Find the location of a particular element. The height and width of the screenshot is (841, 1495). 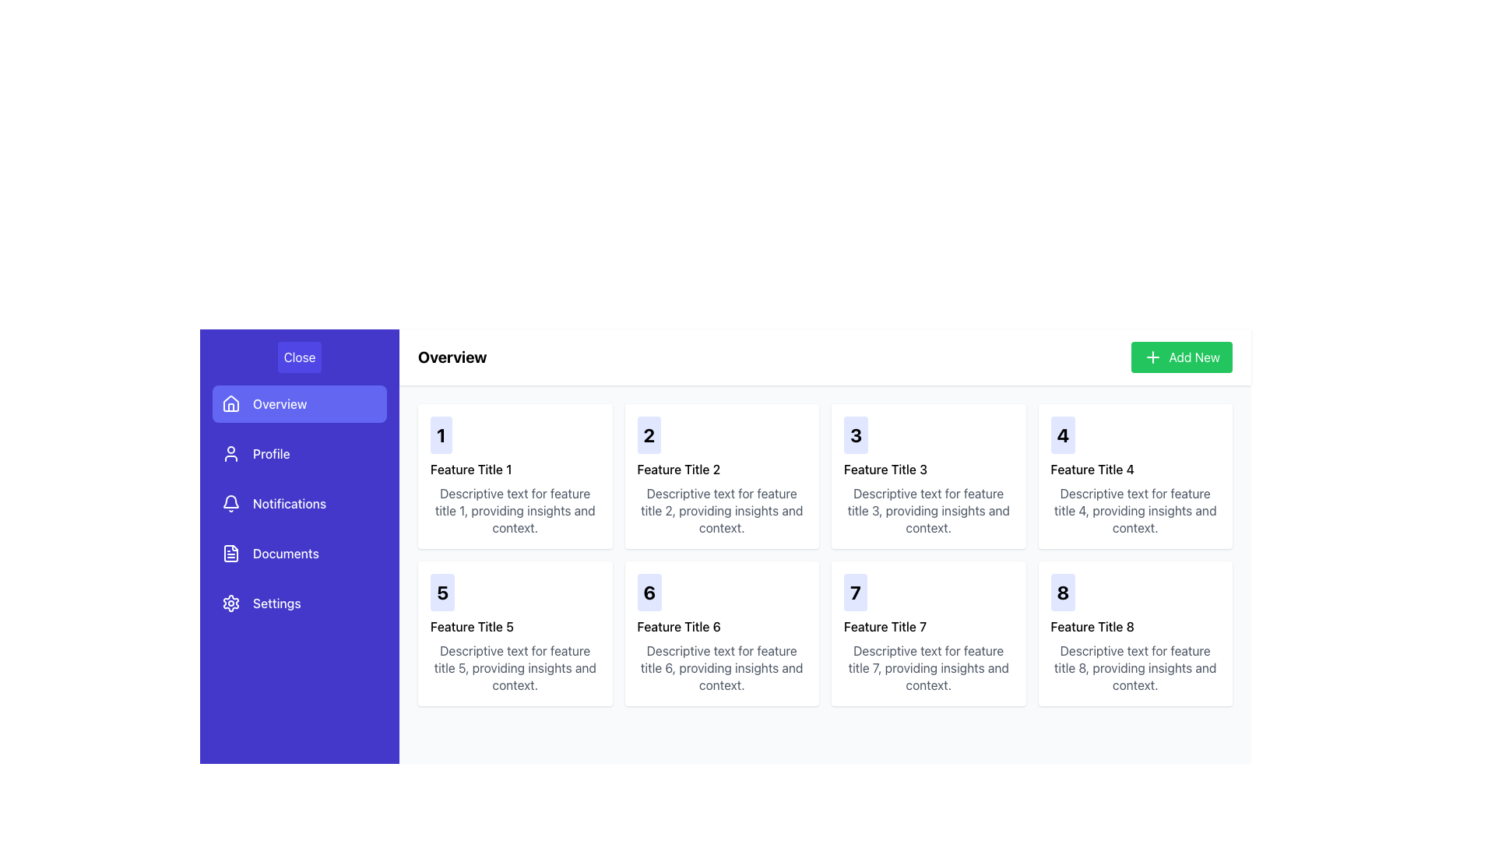

the card component displaying 'Feature Title 1', which is the first card in the grid layout is located at coordinates (515, 476).